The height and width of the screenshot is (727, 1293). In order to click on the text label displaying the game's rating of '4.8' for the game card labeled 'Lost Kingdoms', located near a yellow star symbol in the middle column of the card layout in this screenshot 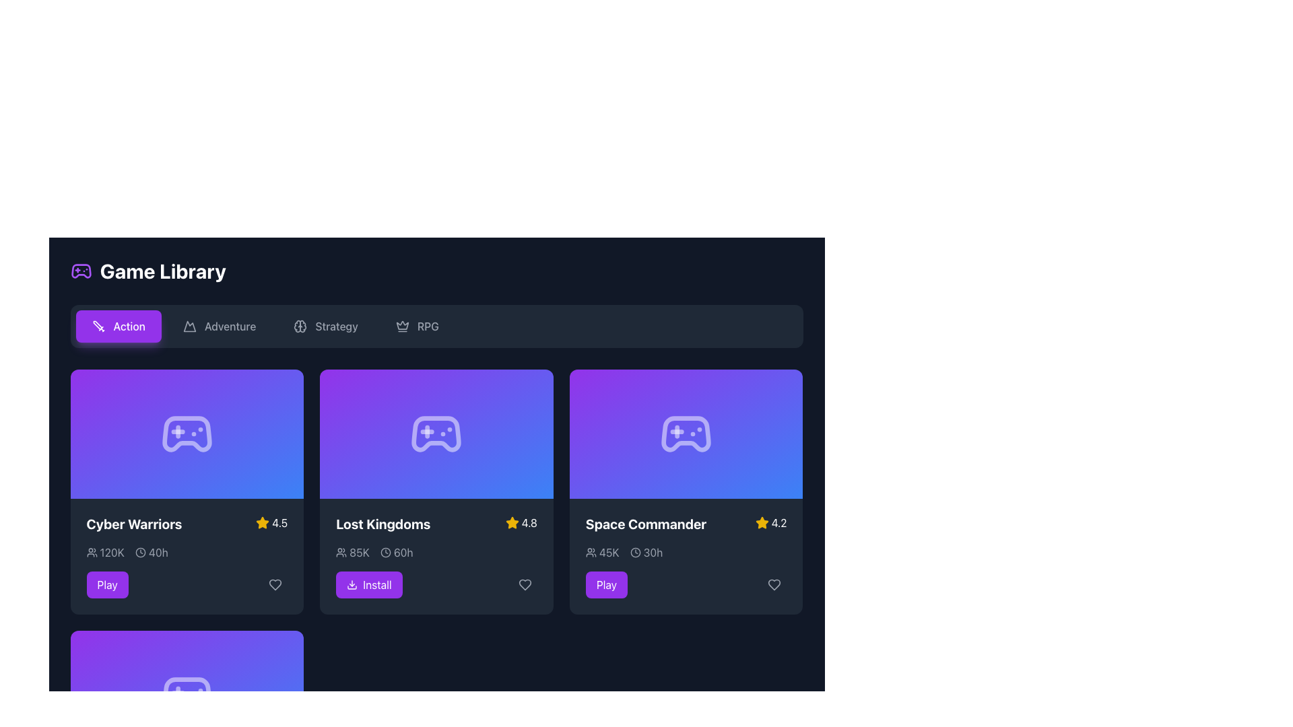, I will do `click(529, 522)`.